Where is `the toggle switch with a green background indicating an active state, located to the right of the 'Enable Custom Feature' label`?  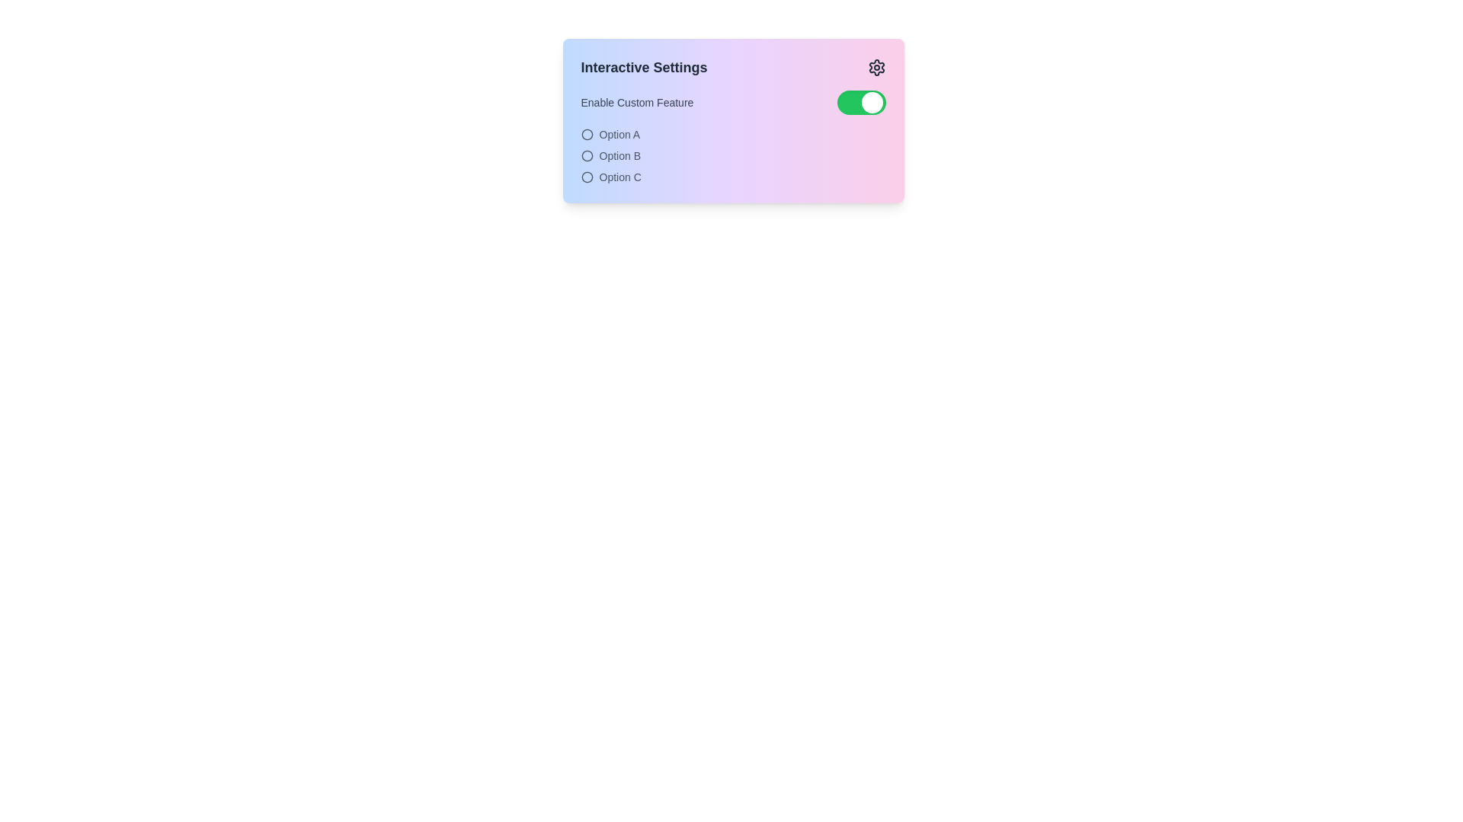 the toggle switch with a green background indicating an active state, located to the right of the 'Enable Custom Feature' label is located at coordinates (861, 103).